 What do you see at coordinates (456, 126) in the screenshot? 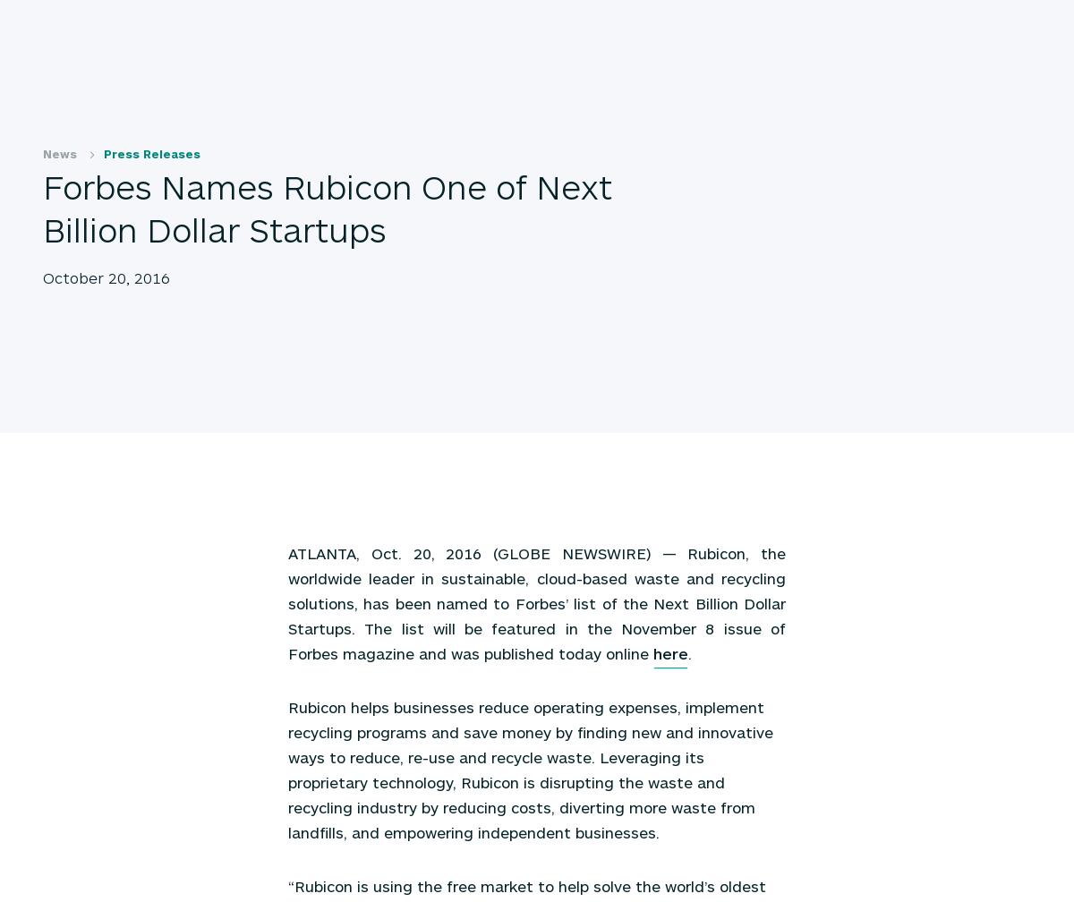
I see `'November 1, 2016'` at bounding box center [456, 126].